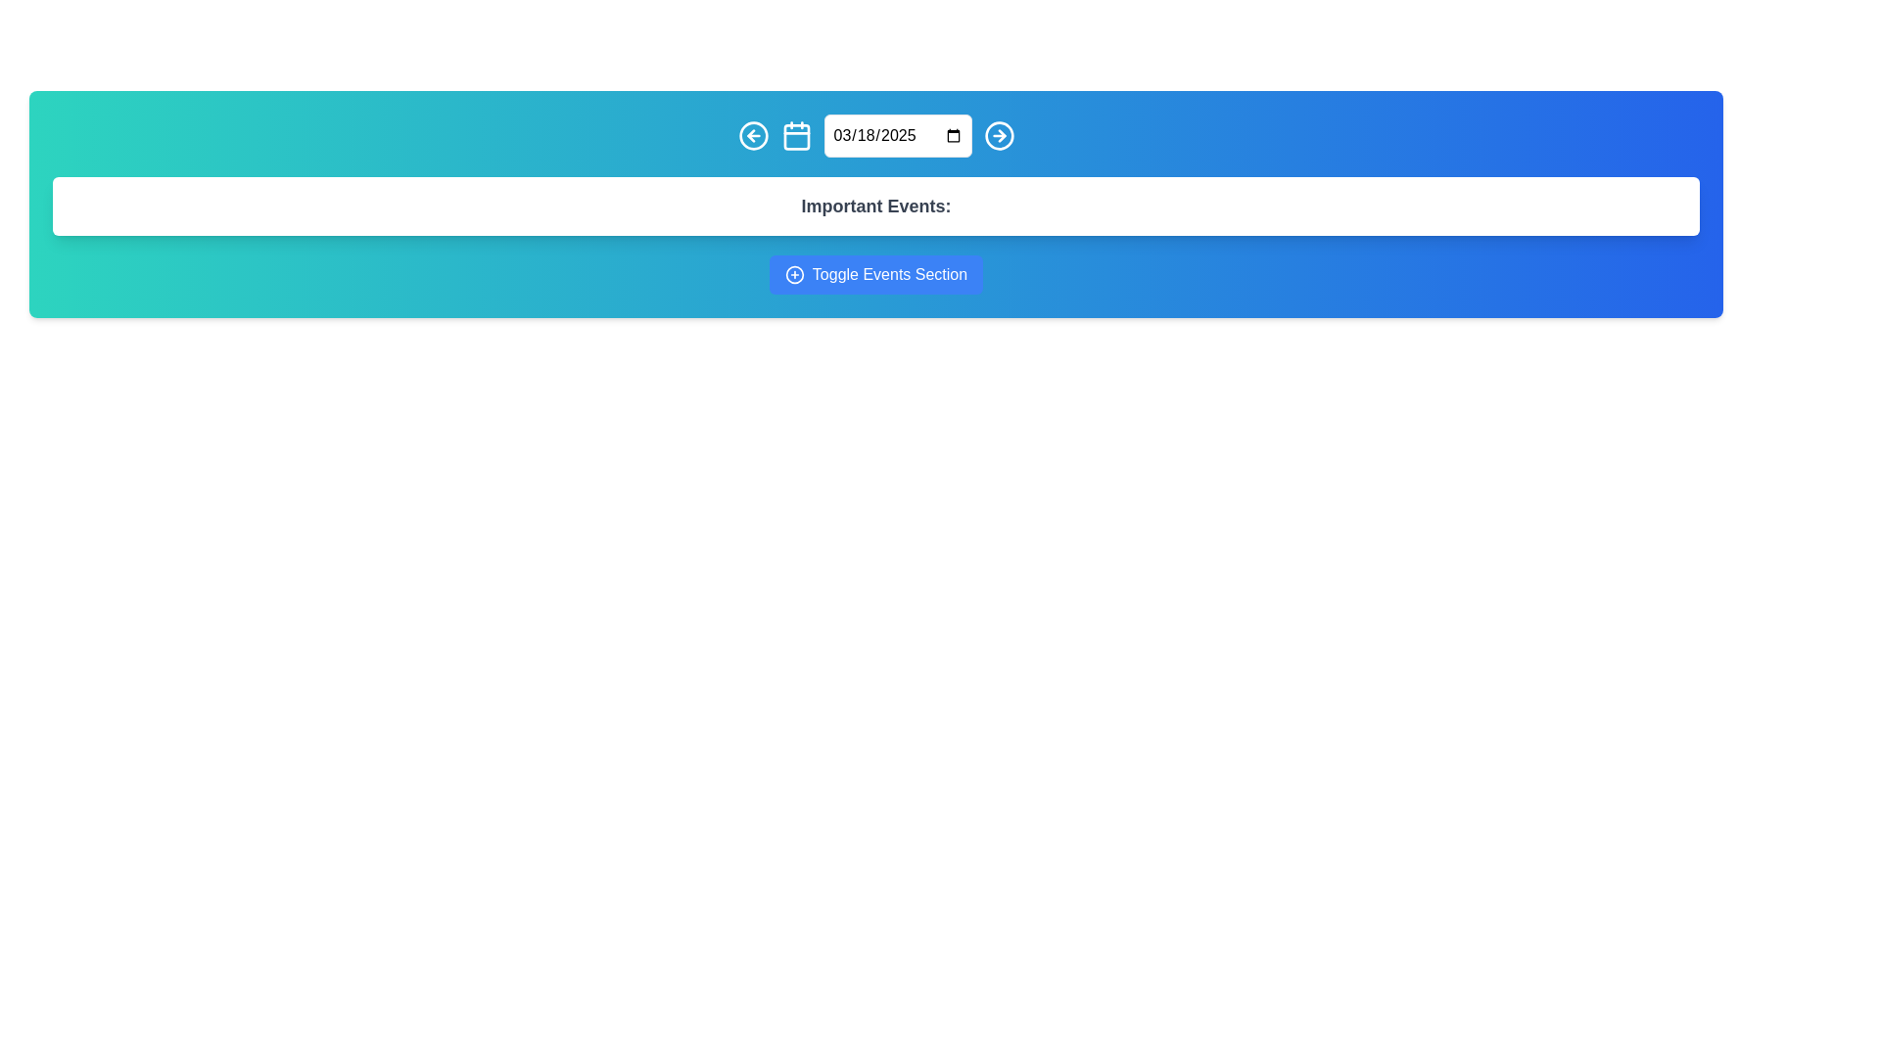 This screenshot has width=1880, height=1057. I want to click on the icon within the blue button labeled 'Toggle Events Section' located below the text 'Important Events', so click(794, 275).